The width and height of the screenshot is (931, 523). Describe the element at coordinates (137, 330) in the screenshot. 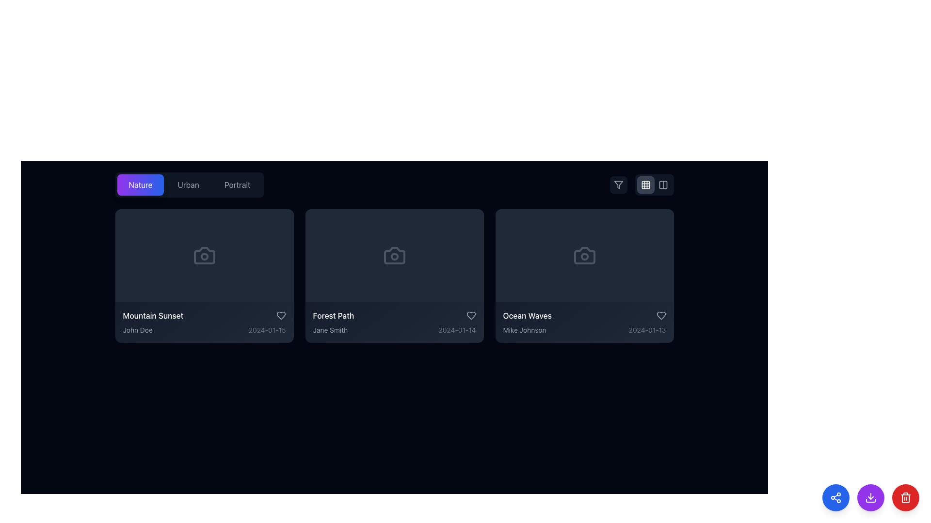

I see `the label displaying 'John Doe', which is subtly gray and positioned in the first content card under the 'Mountain Sunset' title and above the date '2024-01-15'` at that location.